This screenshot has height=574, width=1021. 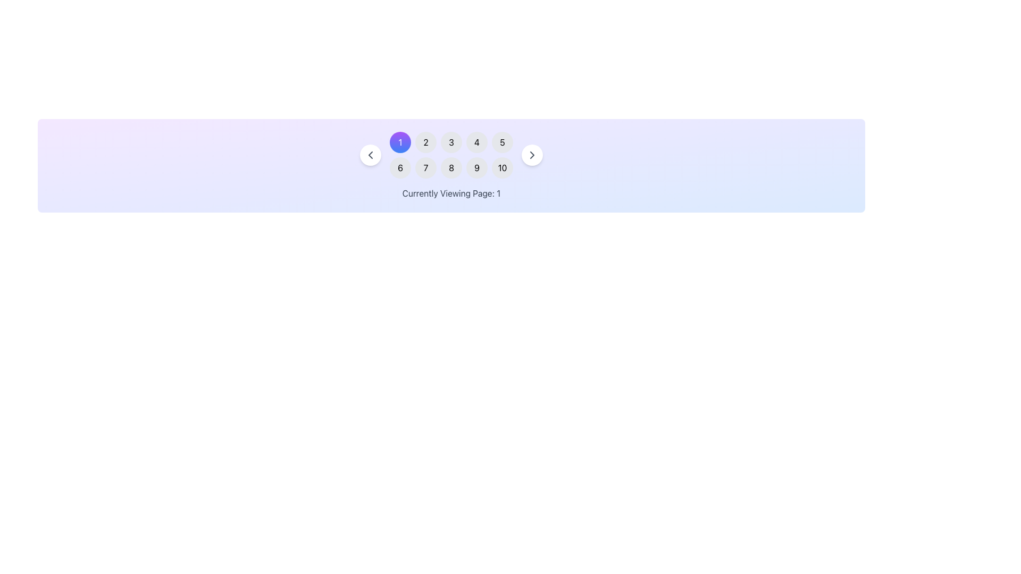 I want to click on the leftward chevron SVG icon with a gray stroke, located within a circular background on the left side of the pagination control bar, so click(x=370, y=155).